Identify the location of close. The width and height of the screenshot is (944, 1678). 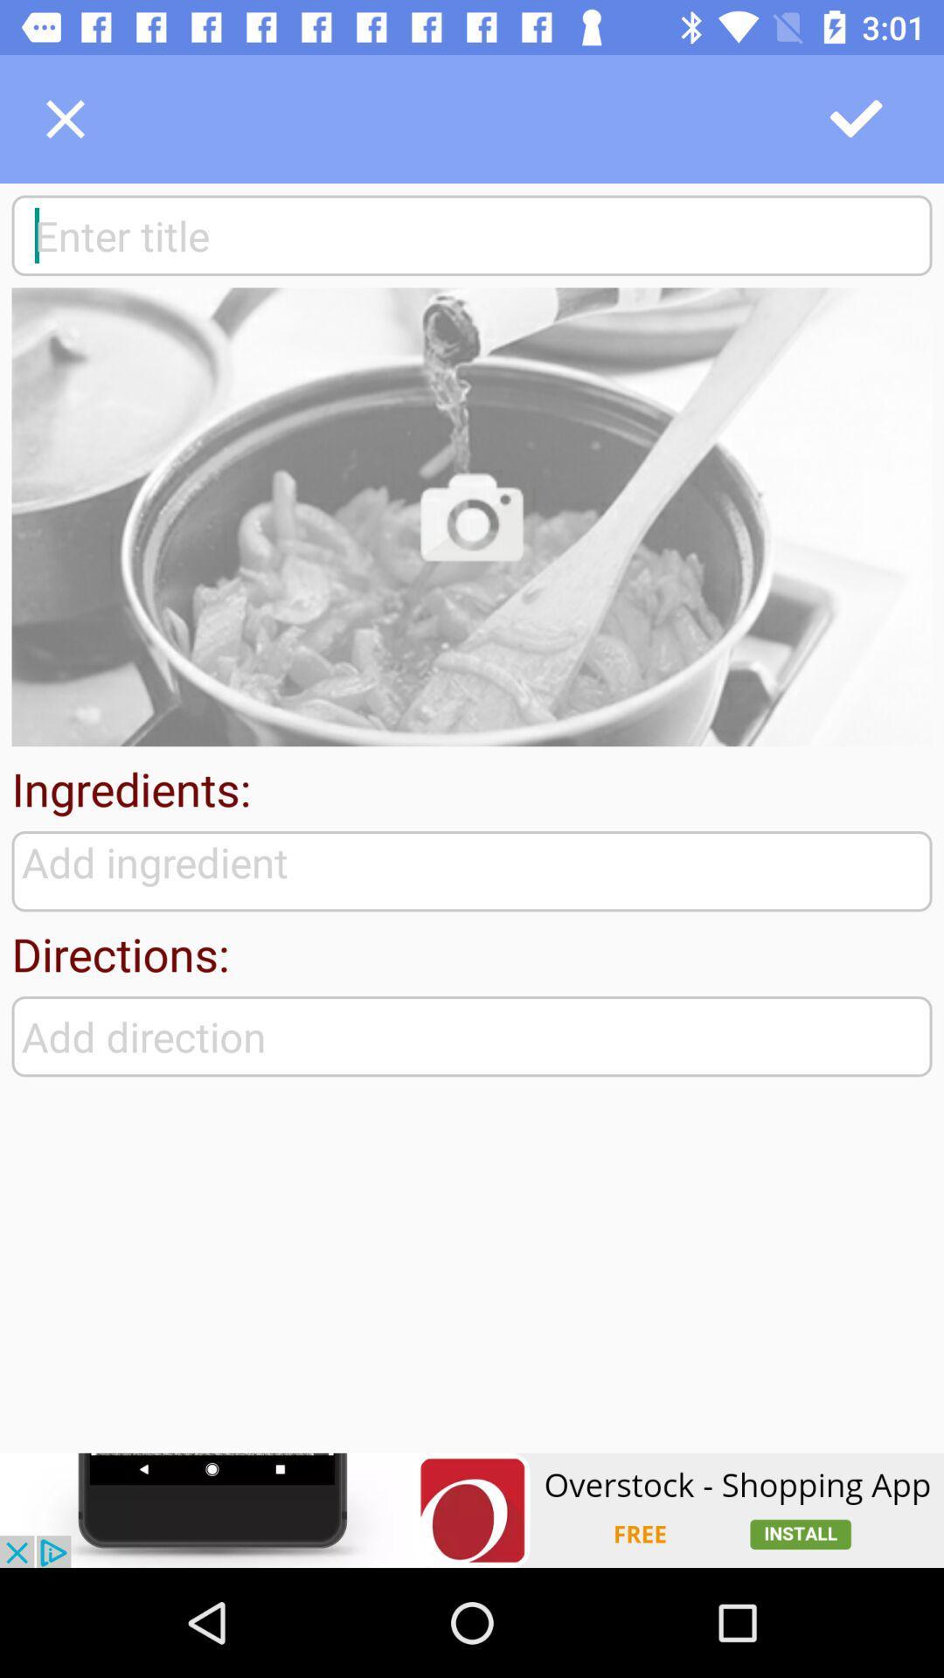
(64, 118).